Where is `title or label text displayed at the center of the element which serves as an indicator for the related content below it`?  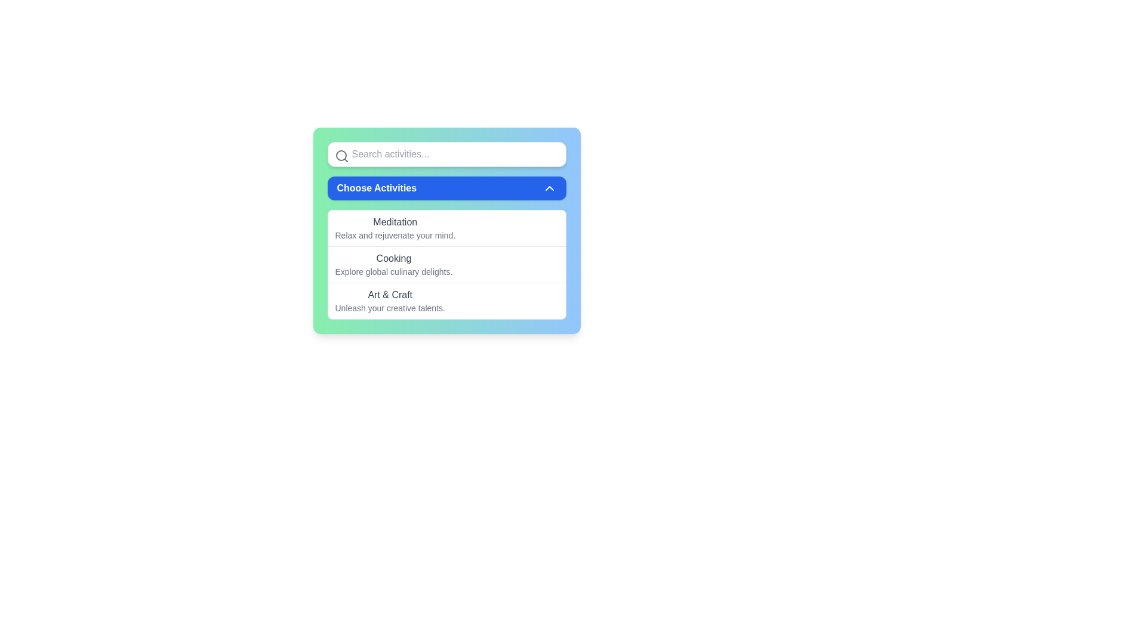
title or label text displayed at the center of the element which serves as an indicator for the related content below it is located at coordinates (393, 258).